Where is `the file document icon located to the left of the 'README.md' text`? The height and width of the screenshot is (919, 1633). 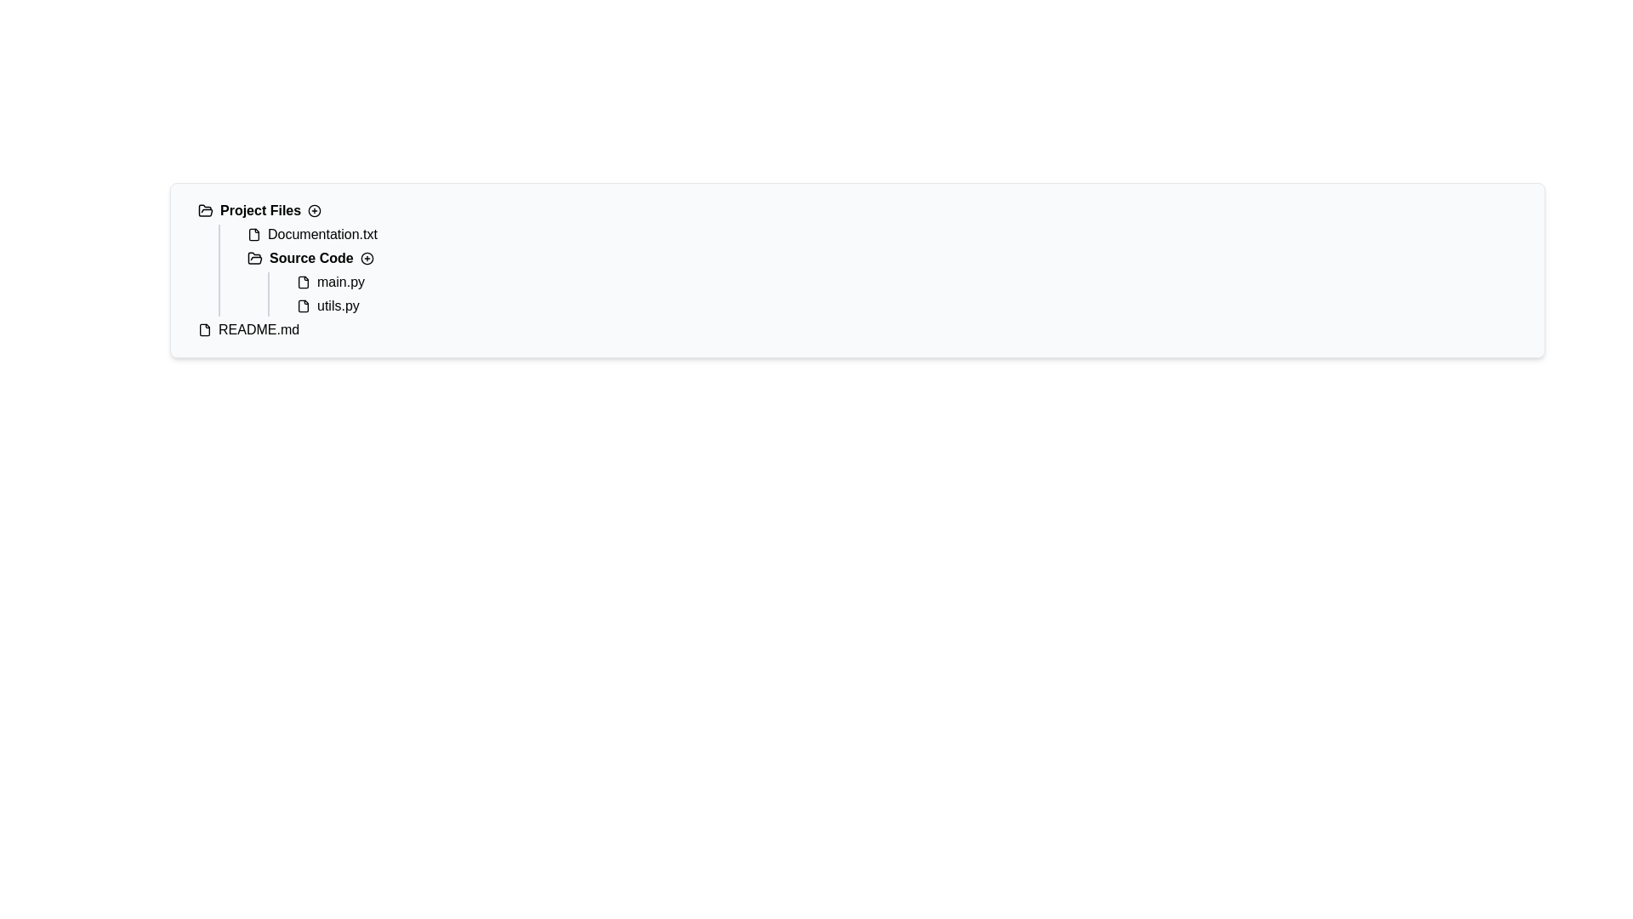
the file document icon located to the left of the 'README.md' text is located at coordinates (204, 330).